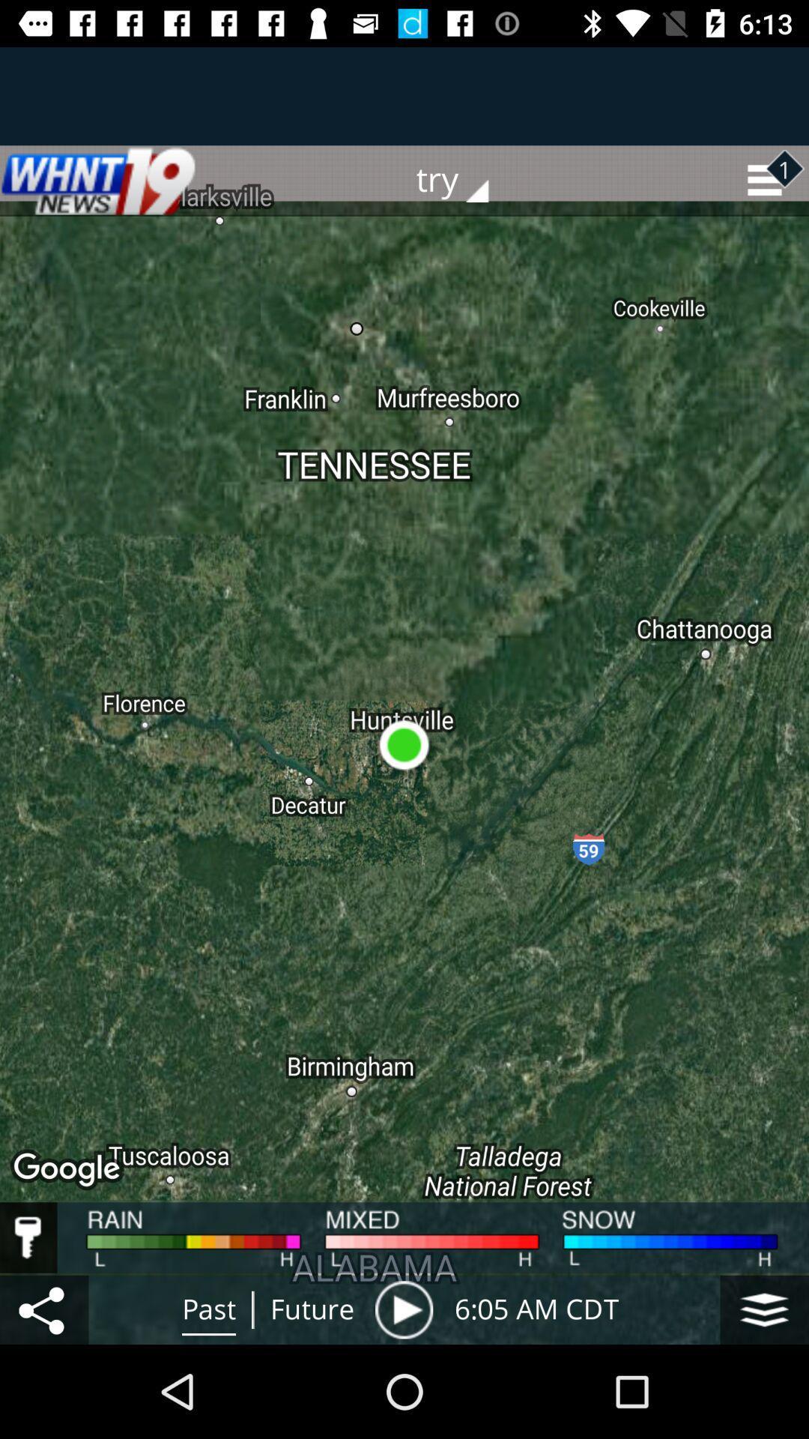  I want to click on the layers icon, so click(764, 1309).